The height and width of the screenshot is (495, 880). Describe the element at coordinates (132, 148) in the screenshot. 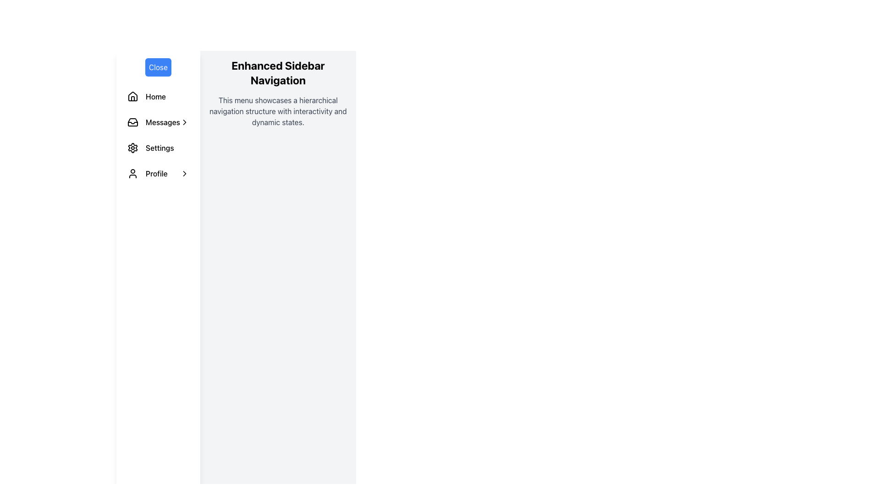

I see `the settings menu icon, which represents the settings functionality and is located third from the top in the vertical navigation panel on the left side of the interface` at that location.